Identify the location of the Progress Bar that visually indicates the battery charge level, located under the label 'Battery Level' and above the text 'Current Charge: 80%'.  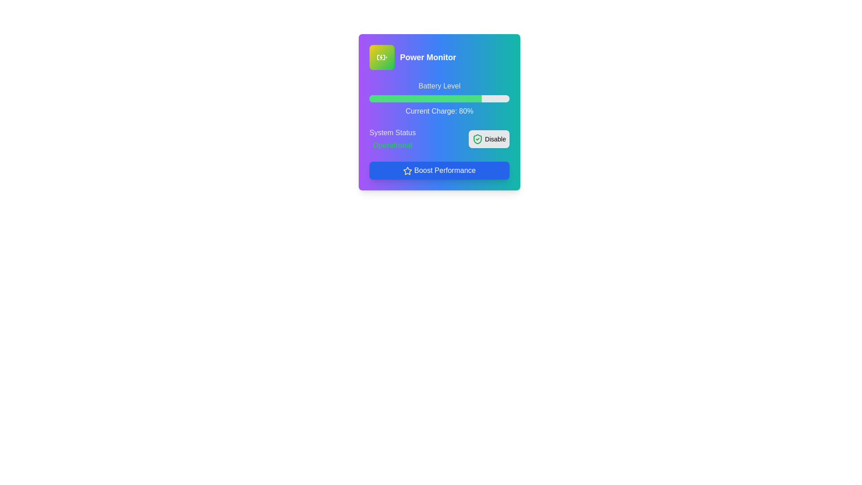
(440, 98).